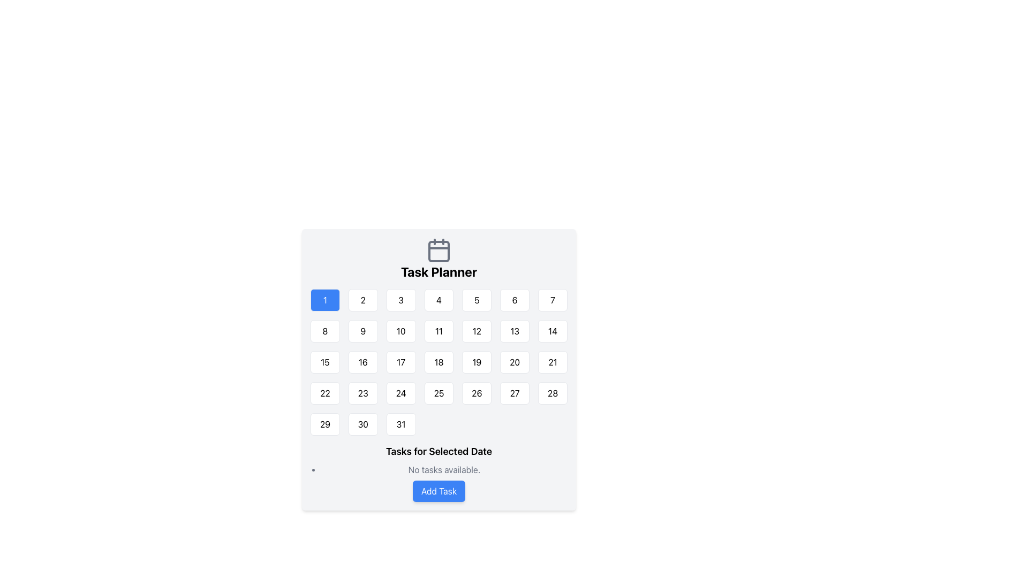 The image size is (1028, 578). I want to click on the header text that indicates tasks for a selected date, located near the bottom of the interface beneath the calendar grid, so click(439, 452).